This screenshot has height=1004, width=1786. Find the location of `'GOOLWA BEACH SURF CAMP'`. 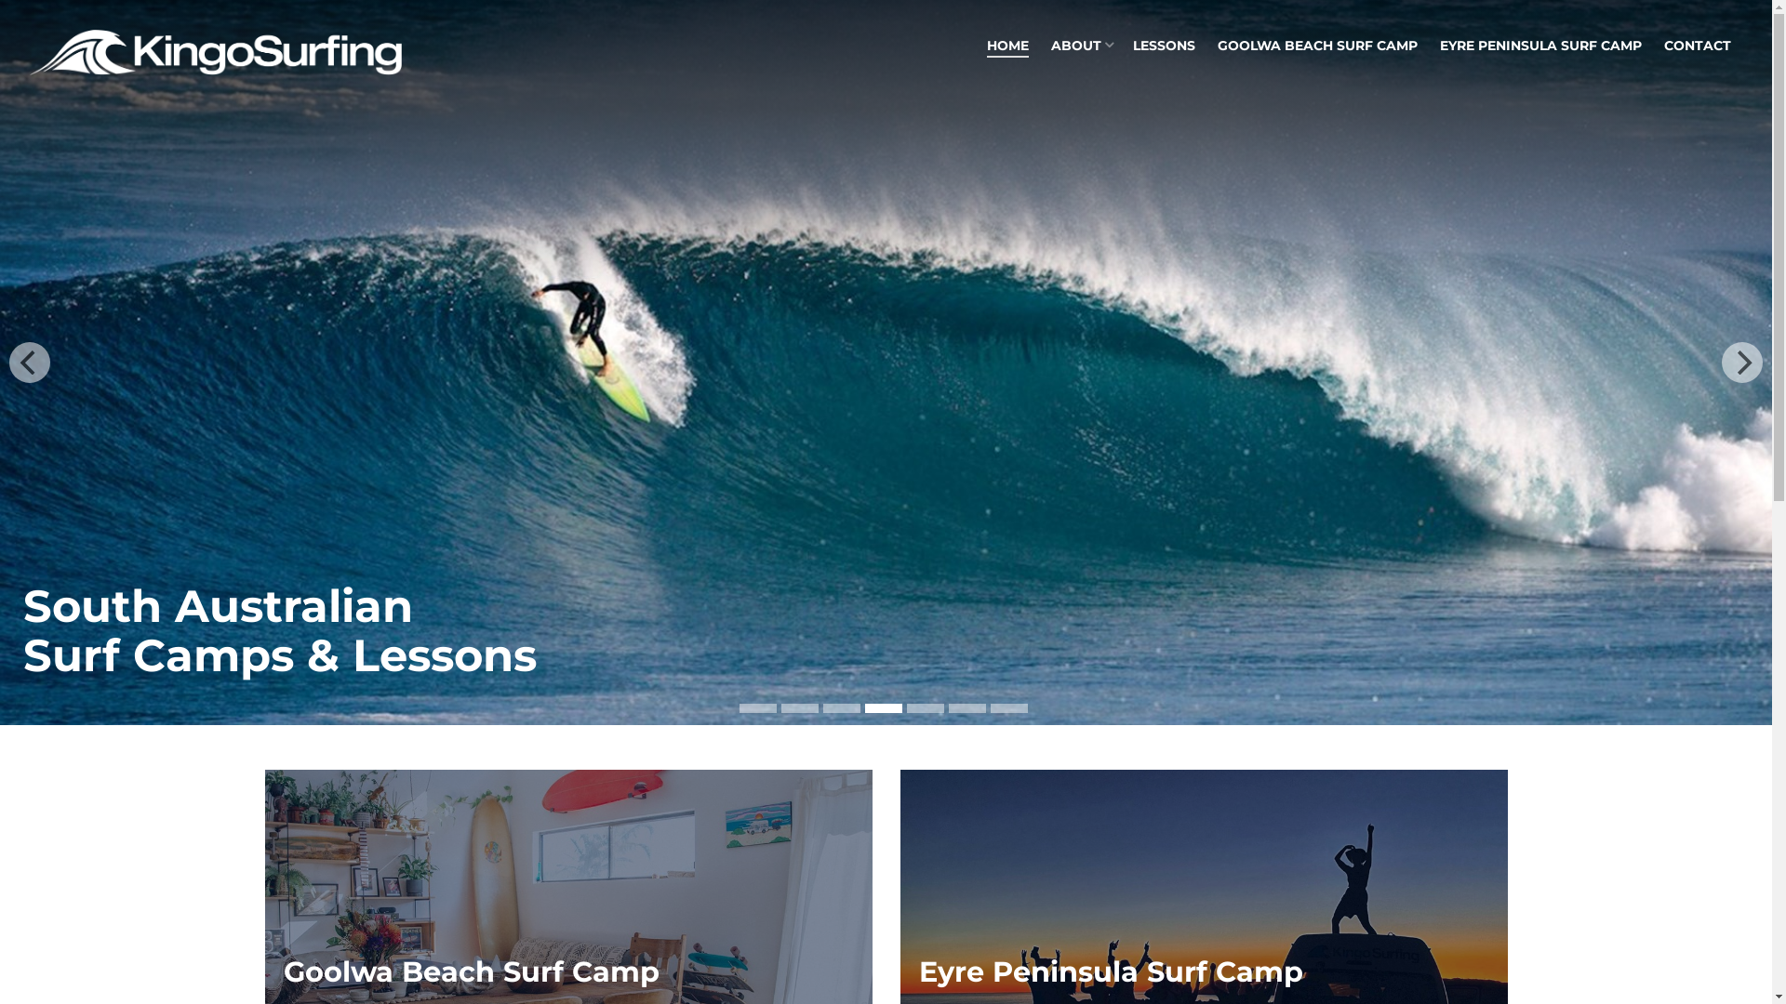

'GOOLWA BEACH SURF CAMP' is located at coordinates (1316, 45).